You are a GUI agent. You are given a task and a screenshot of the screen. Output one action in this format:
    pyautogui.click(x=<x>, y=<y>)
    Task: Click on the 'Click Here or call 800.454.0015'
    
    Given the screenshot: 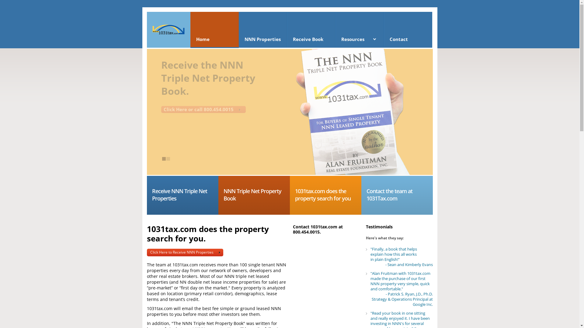 What is the action you would take?
    pyautogui.click(x=203, y=109)
    